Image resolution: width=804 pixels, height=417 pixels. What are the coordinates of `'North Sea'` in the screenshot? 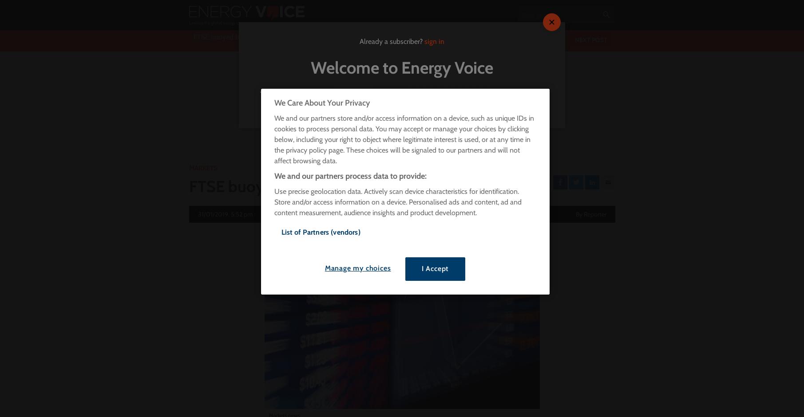 It's located at (413, 102).